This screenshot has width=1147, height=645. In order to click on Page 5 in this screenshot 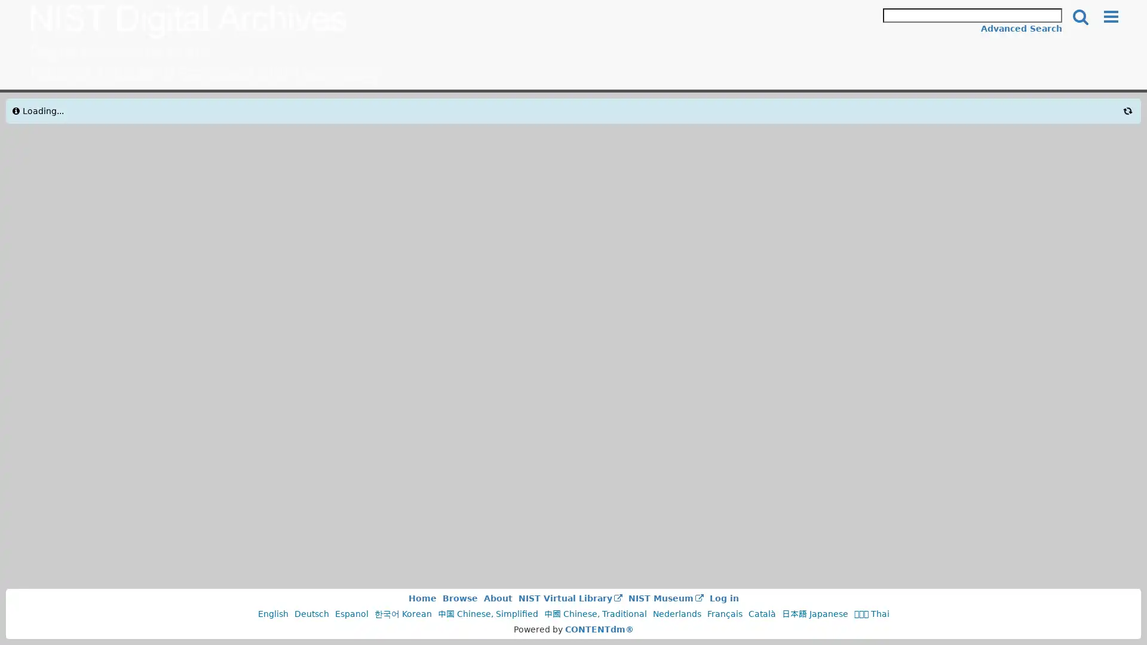, I will do `click(735, 209)`.